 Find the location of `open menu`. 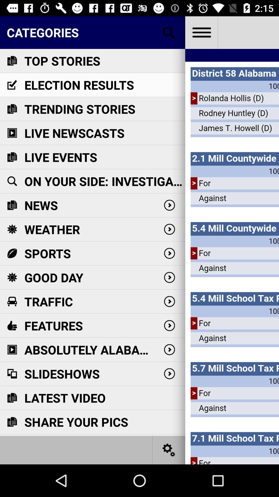

open menu is located at coordinates (201, 32).